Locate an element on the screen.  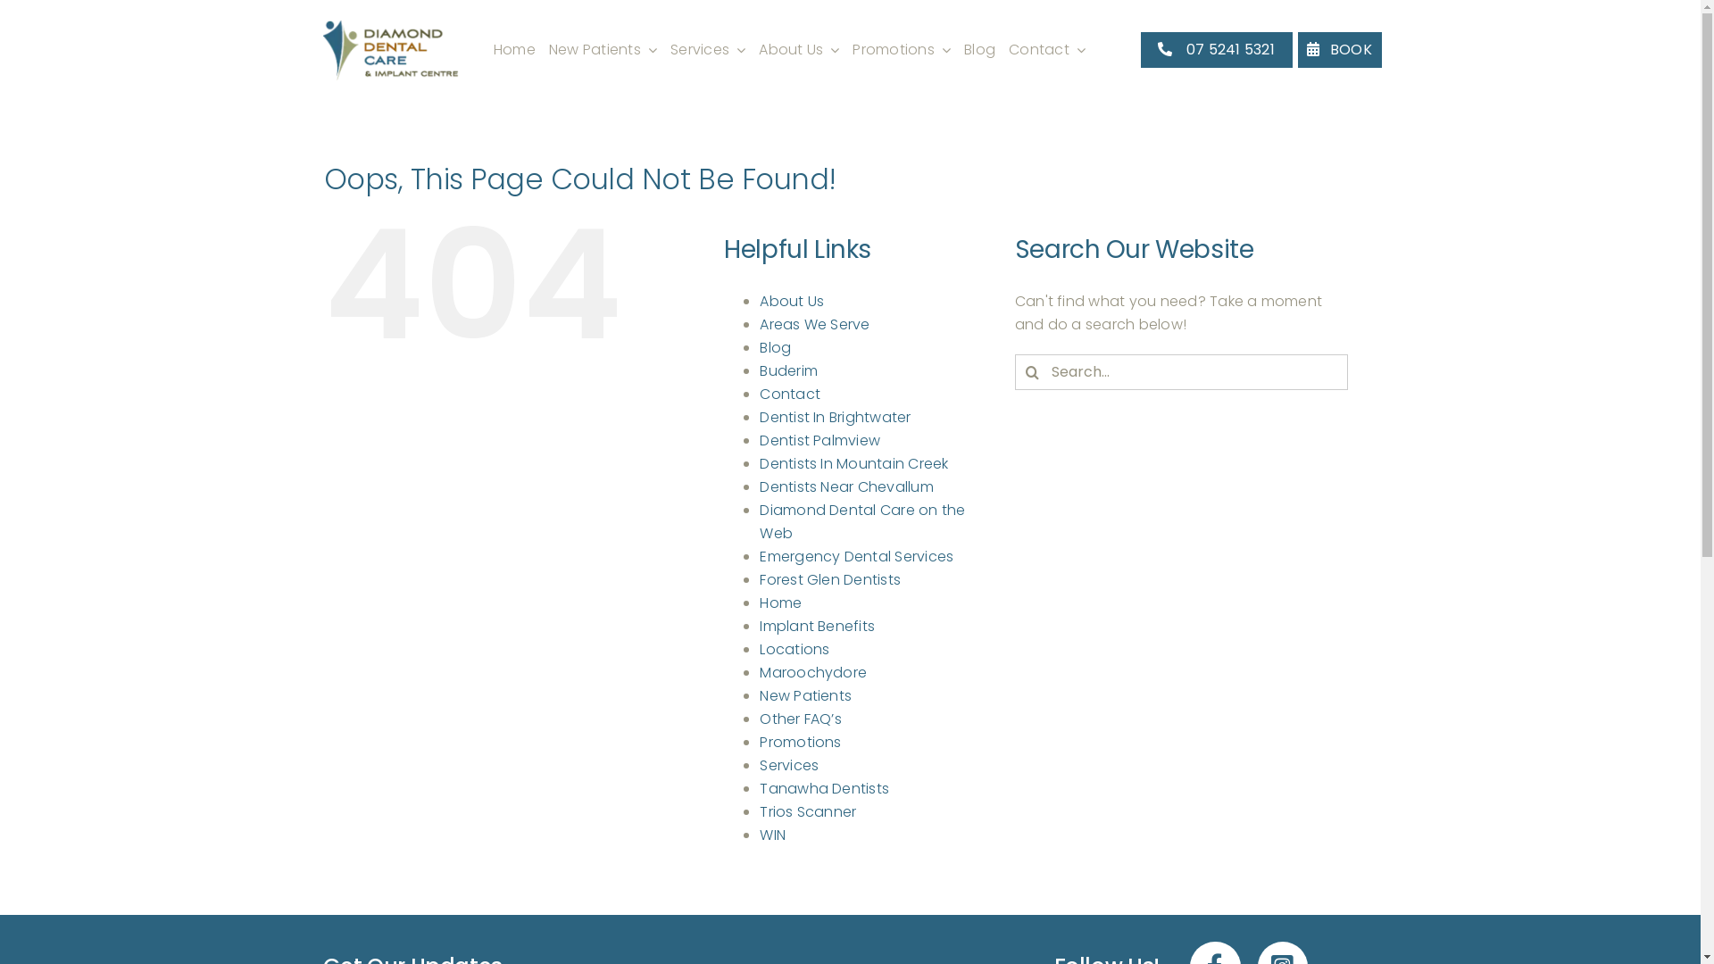
'New Patients' is located at coordinates (603, 49).